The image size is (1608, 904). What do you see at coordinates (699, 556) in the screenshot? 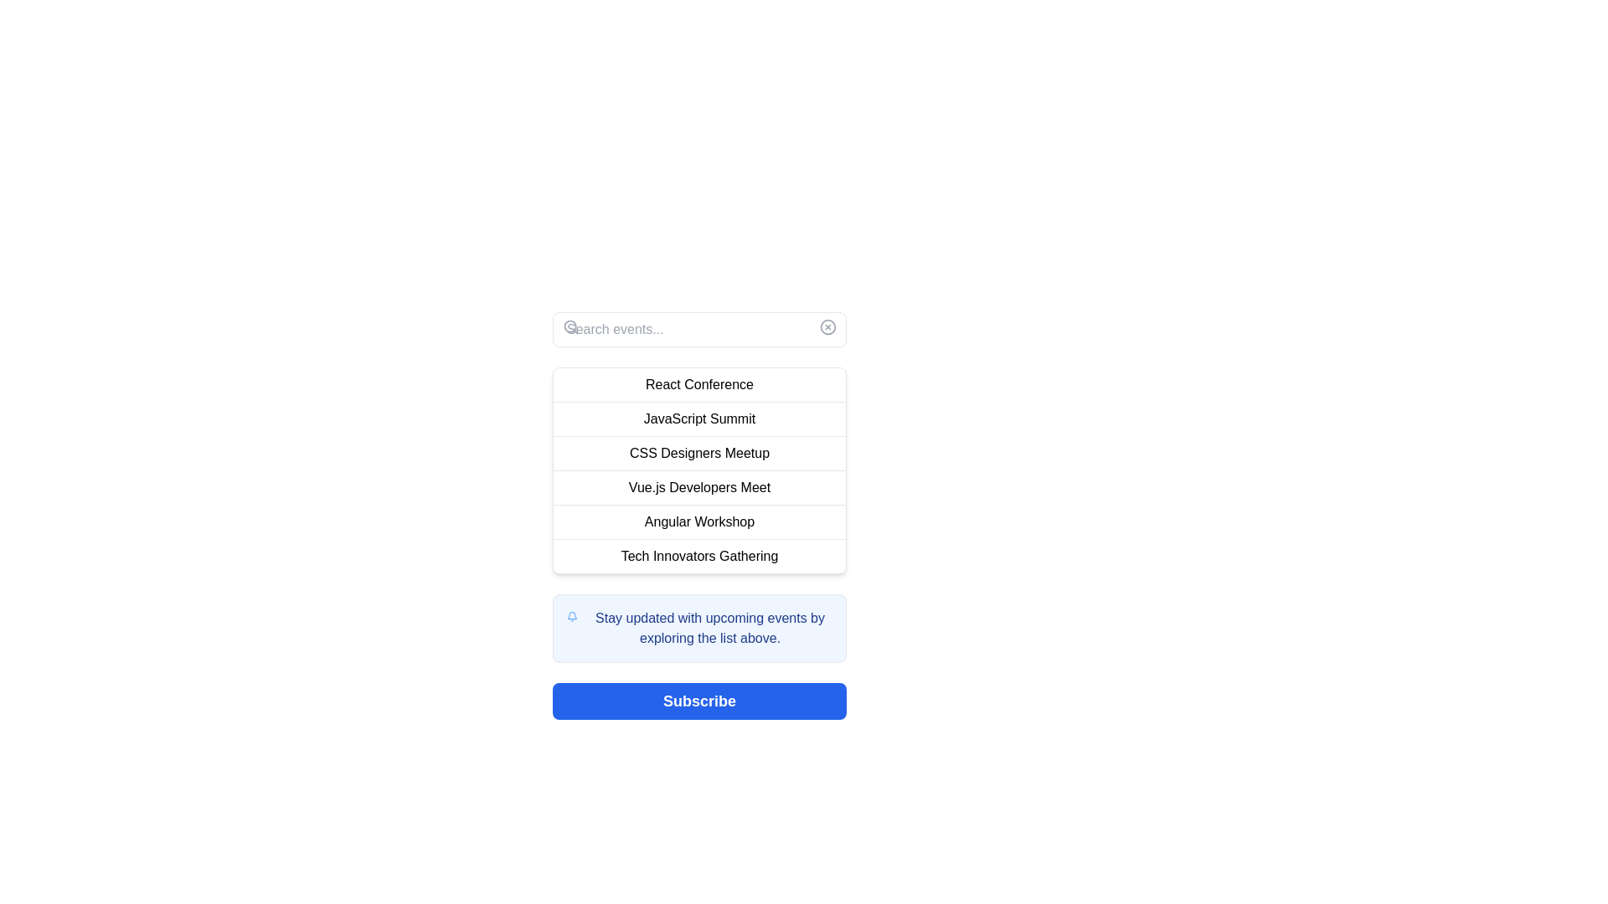
I see `the text label displaying 'Tech Innovators Gathering', which is the sixth item in a vertical list, indicating its interactivity with a hover effect that changes the background to light gray` at bounding box center [699, 556].